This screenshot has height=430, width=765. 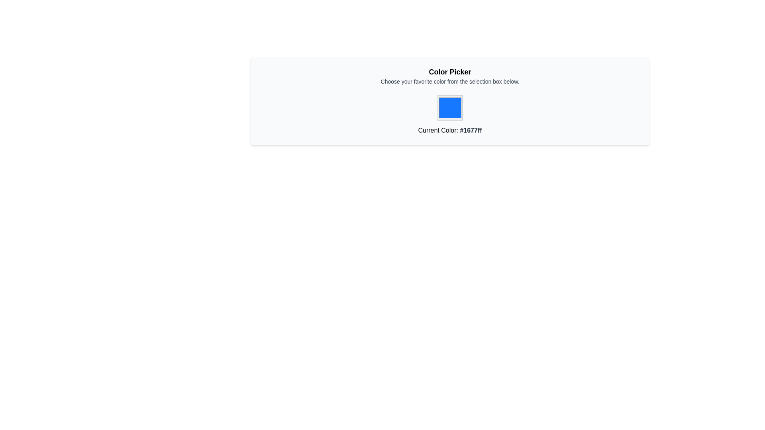 What do you see at coordinates (450, 72) in the screenshot?
I see `the bold heading text 'Color Picker' located at the top of the interface, which is visually distinct and serves as a section title` at bounding box center [450, 72].